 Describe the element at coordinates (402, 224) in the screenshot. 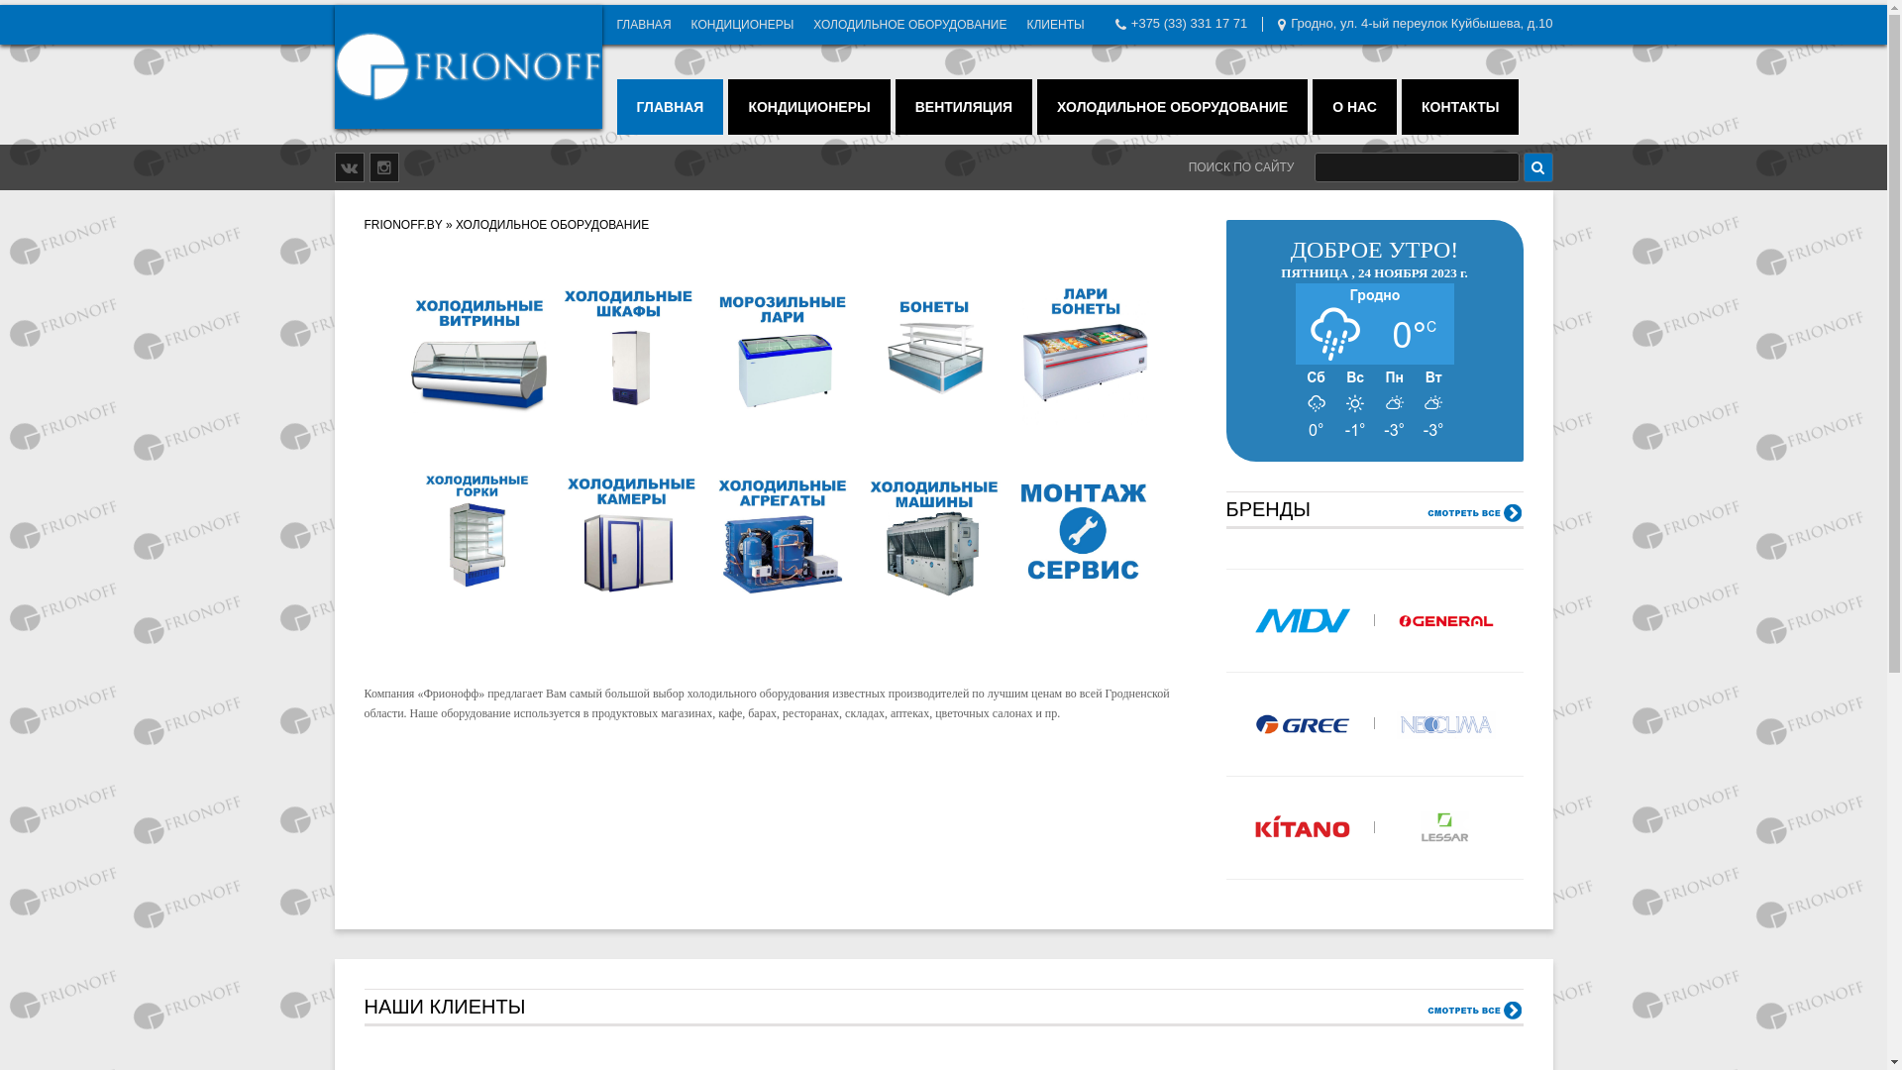

I see `'FRIONOFF.BY'` at that location.